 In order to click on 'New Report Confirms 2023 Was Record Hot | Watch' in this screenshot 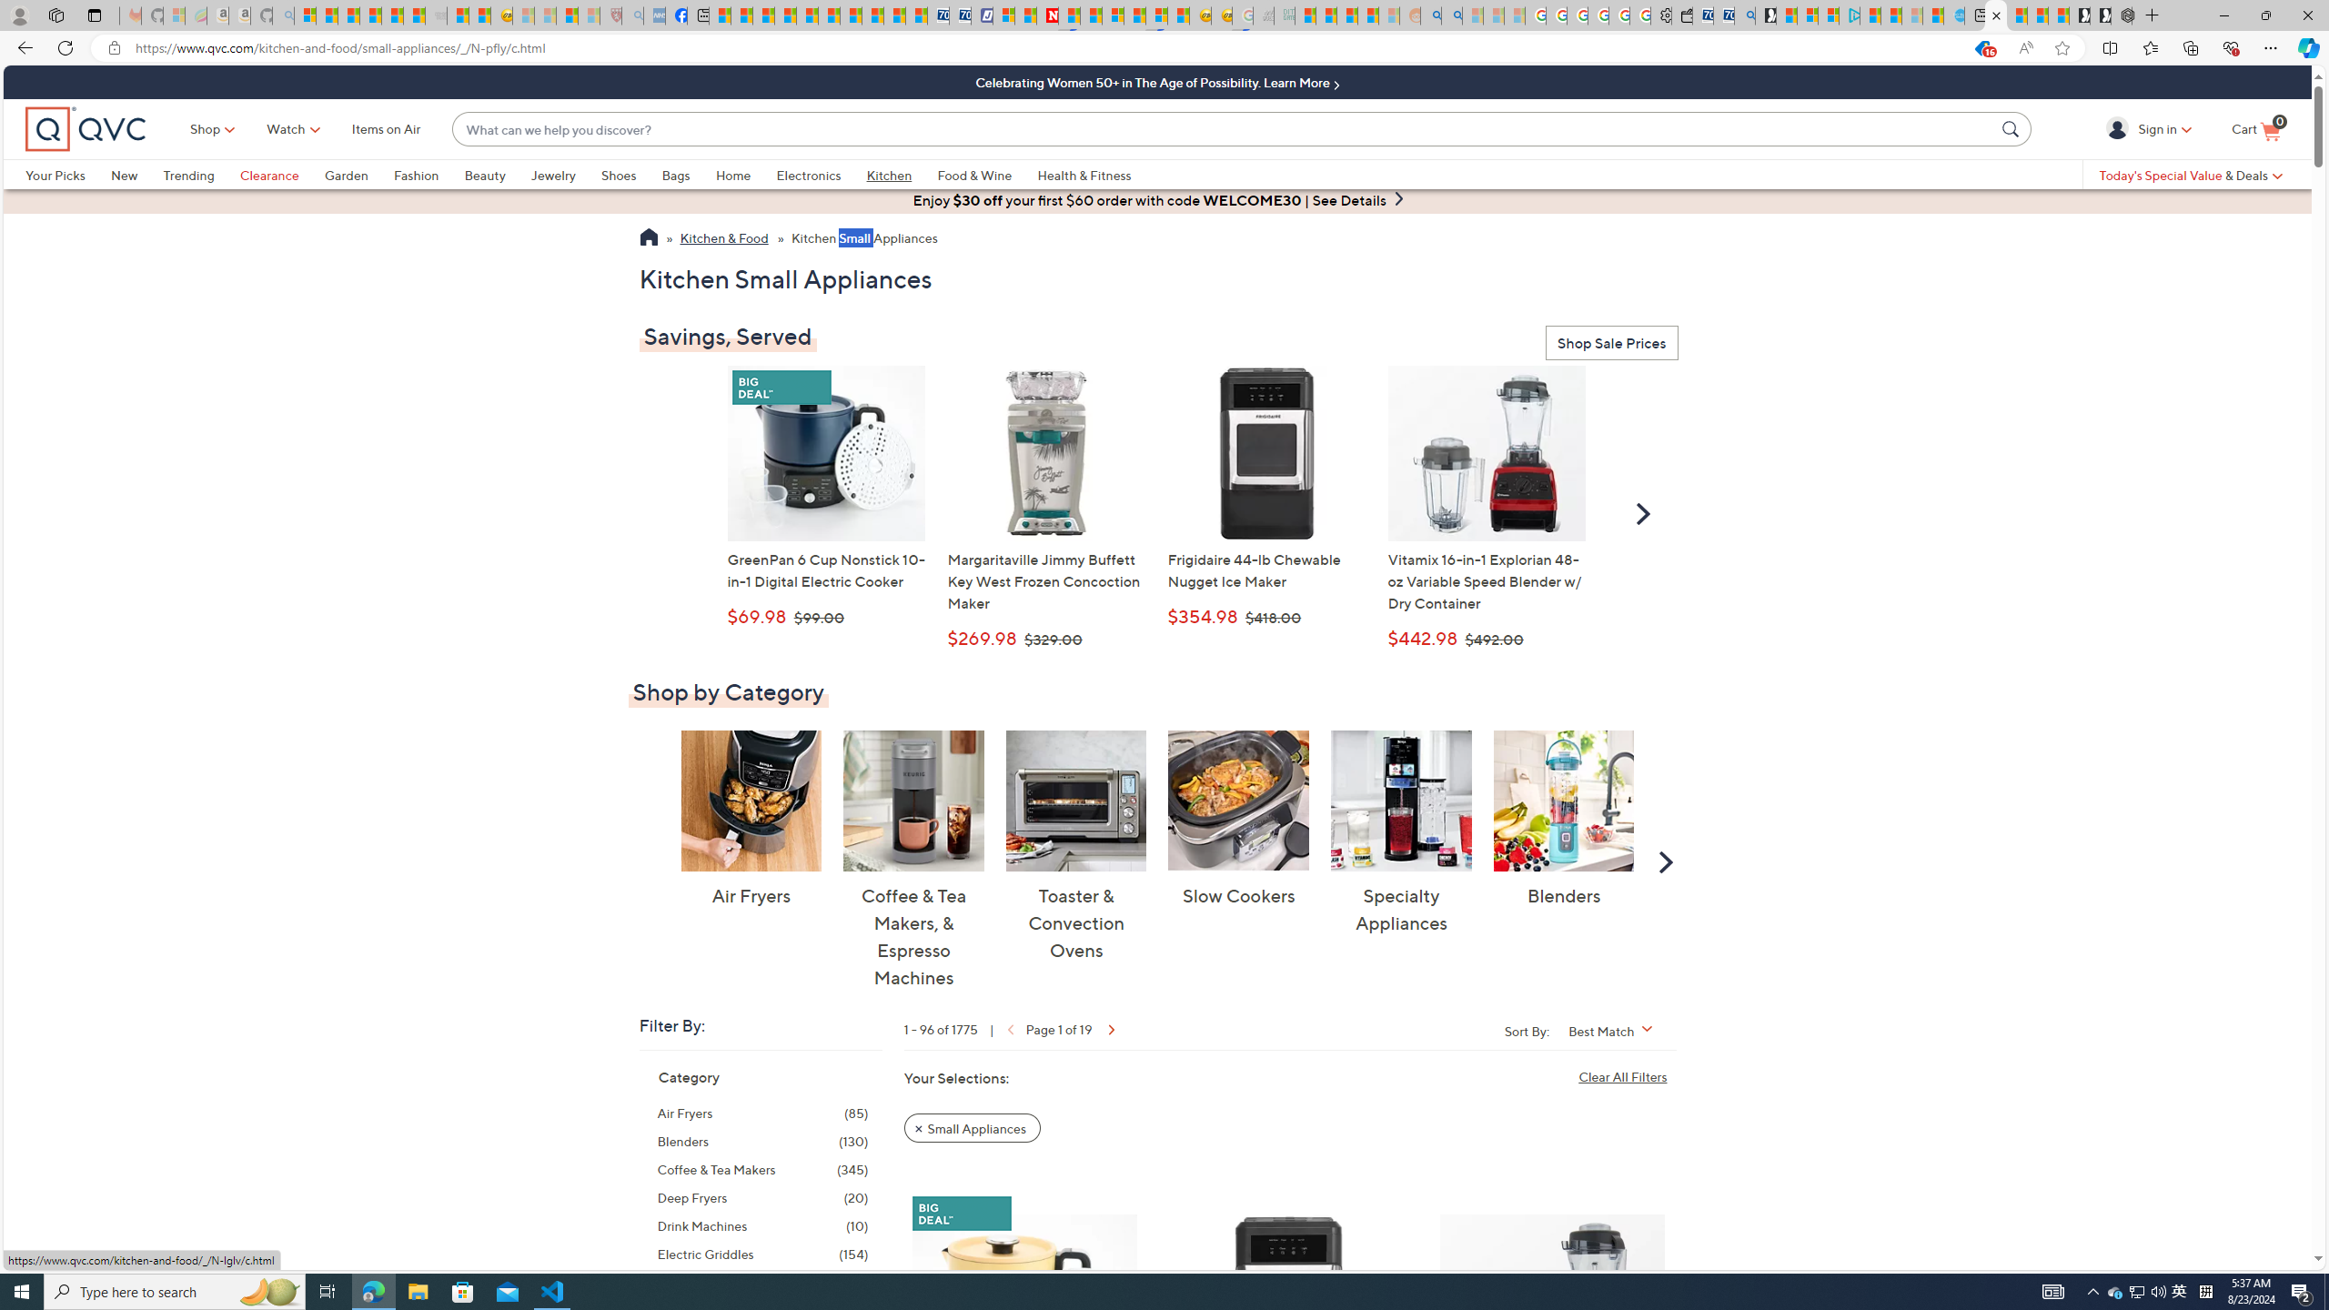, I will do `click(393, 15)`.